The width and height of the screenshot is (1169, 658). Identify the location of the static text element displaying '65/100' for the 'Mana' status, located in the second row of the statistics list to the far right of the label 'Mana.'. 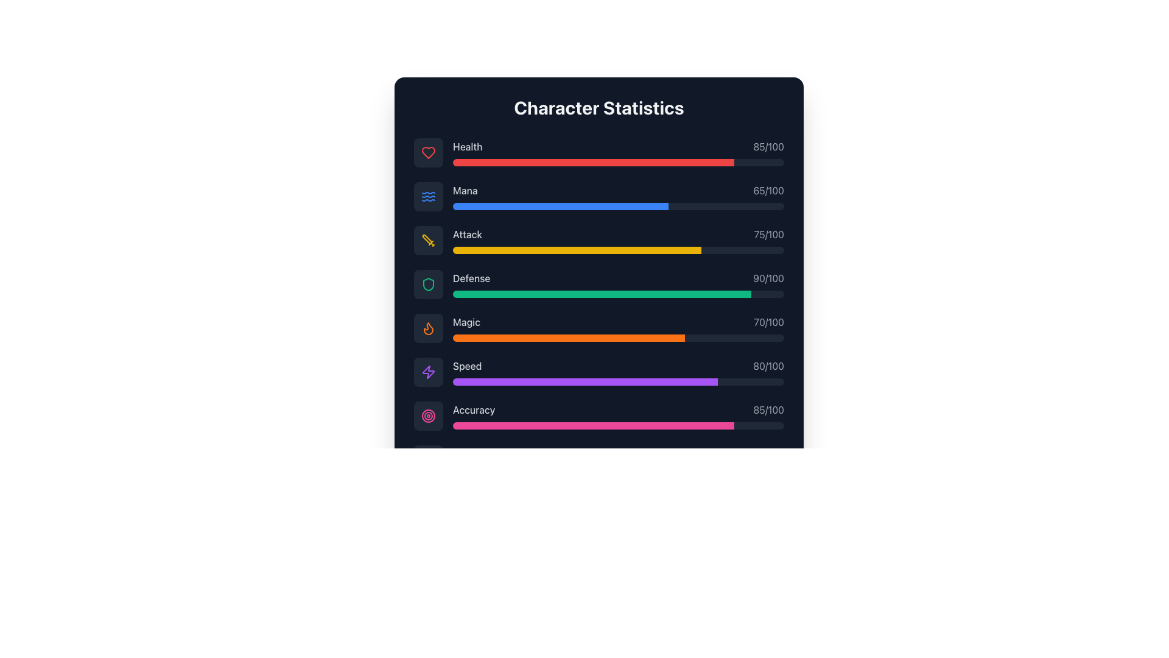
(768, 190).